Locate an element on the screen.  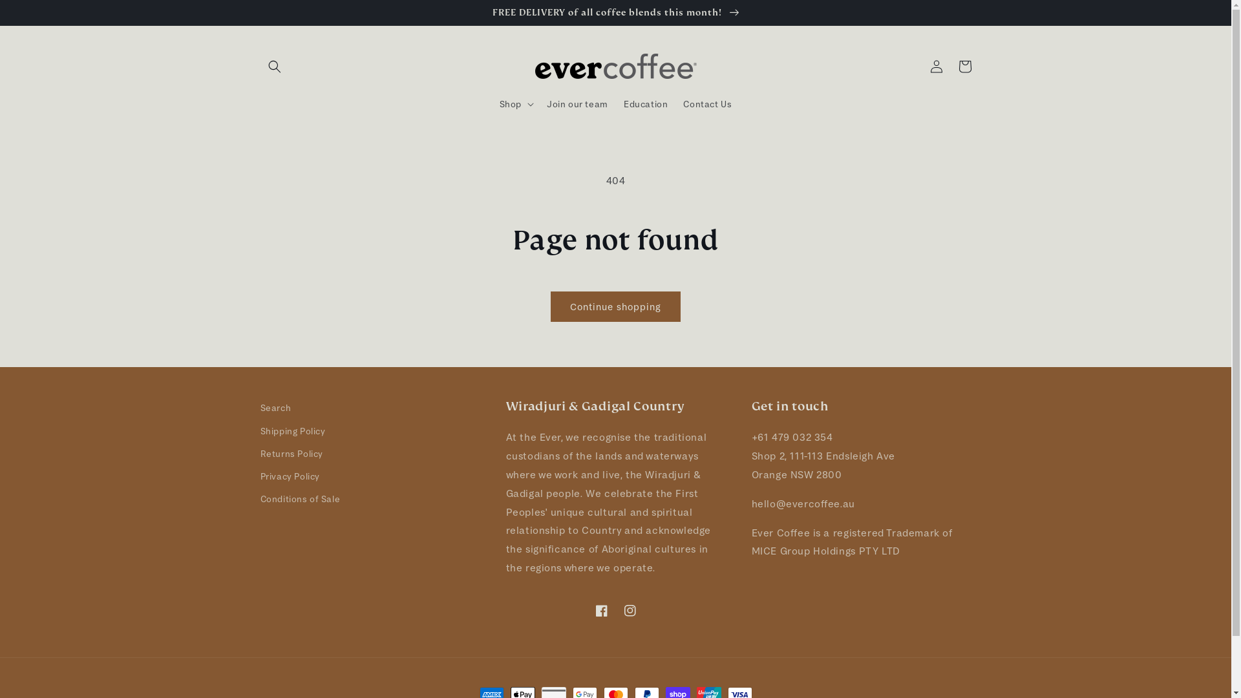
'Facebook' is located at coordinates (600, 611).